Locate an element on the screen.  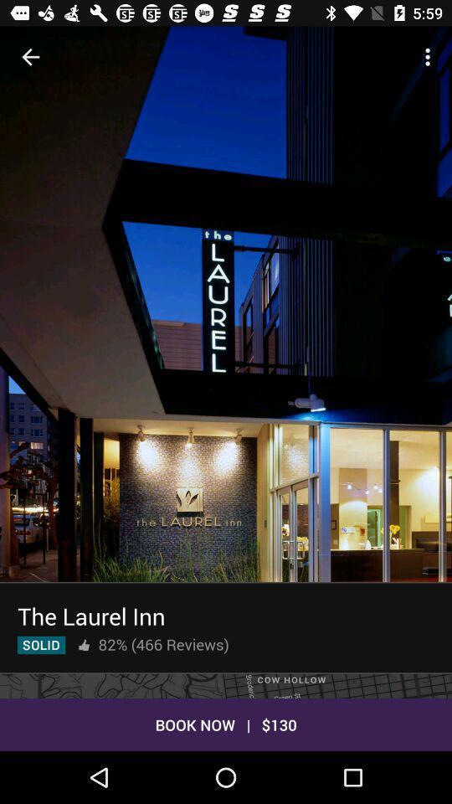
book now   |   $130 is located at coordinates (226, 724).